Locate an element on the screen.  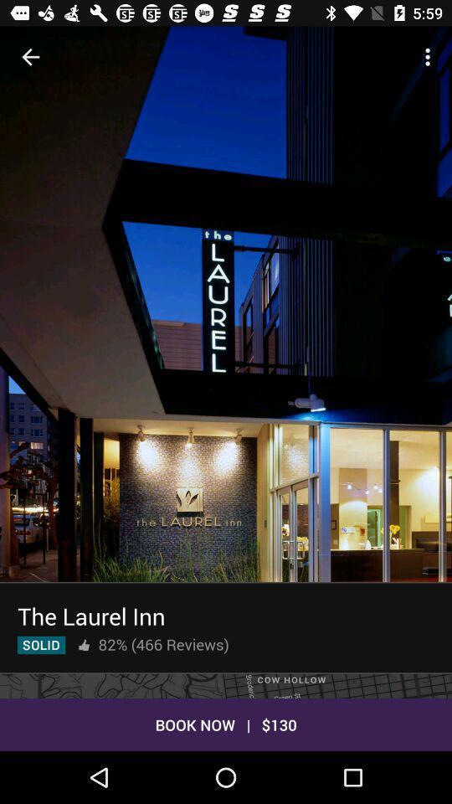
book now   |   $130 is located at coordinates (226, 724).